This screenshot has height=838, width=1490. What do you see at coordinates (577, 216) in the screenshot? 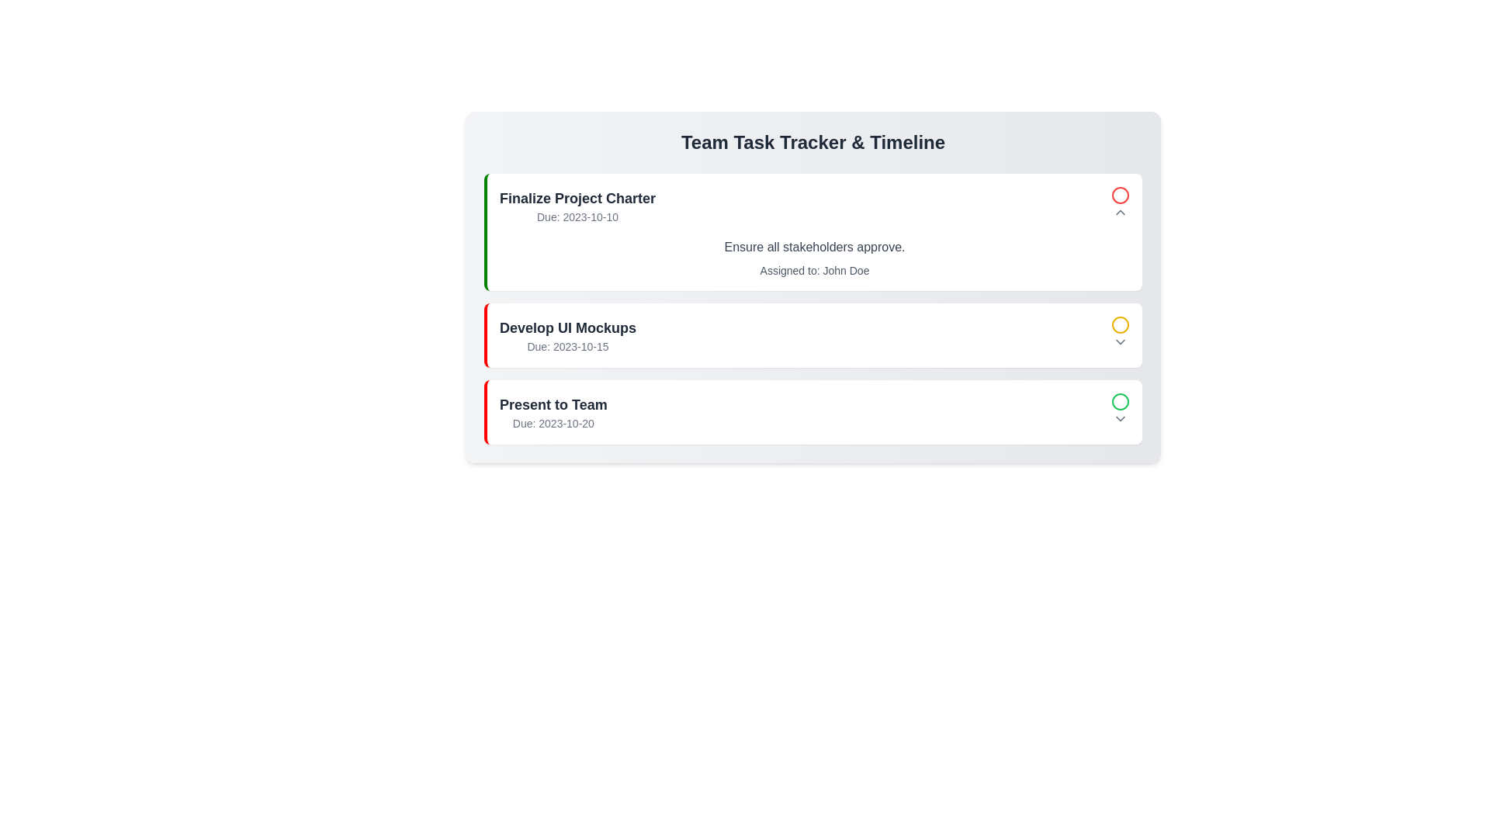
I see `the text label displaying the due date for the task labeled 'Finalize Project Charter'` at bounding box center [577, 216].